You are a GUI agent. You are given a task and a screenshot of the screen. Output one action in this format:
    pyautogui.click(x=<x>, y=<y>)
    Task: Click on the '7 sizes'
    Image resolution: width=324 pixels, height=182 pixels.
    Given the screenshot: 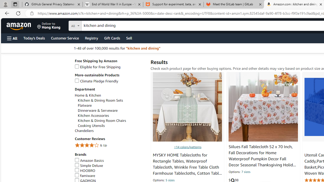 What is the action you would take?
    pyautogui.click(x=246, y=172)
    